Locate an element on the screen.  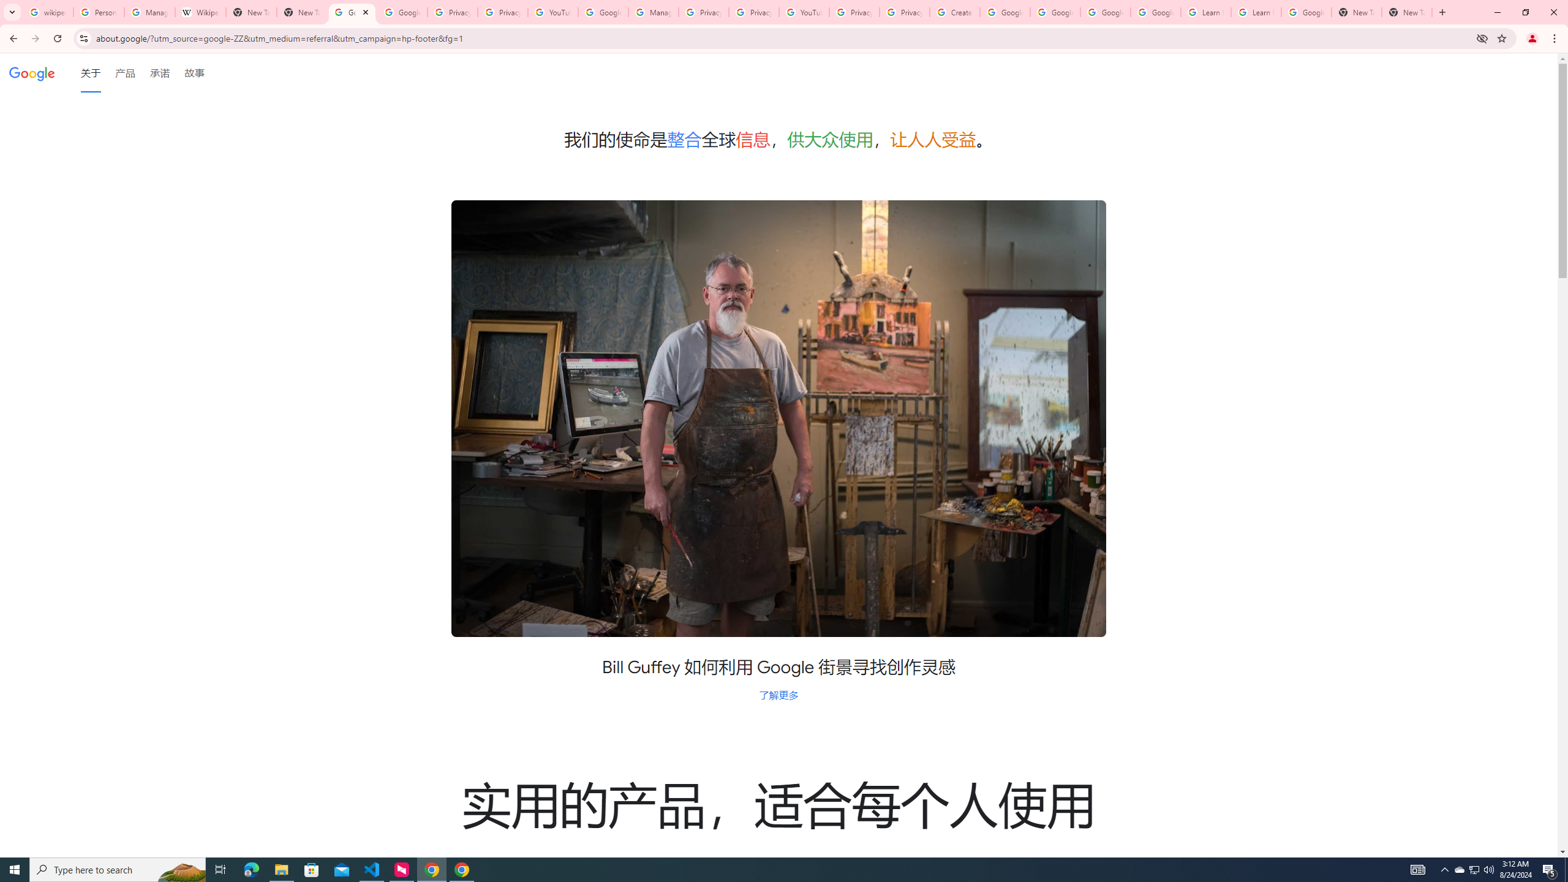
'New Tab' is located at coordinates (1441, 12).